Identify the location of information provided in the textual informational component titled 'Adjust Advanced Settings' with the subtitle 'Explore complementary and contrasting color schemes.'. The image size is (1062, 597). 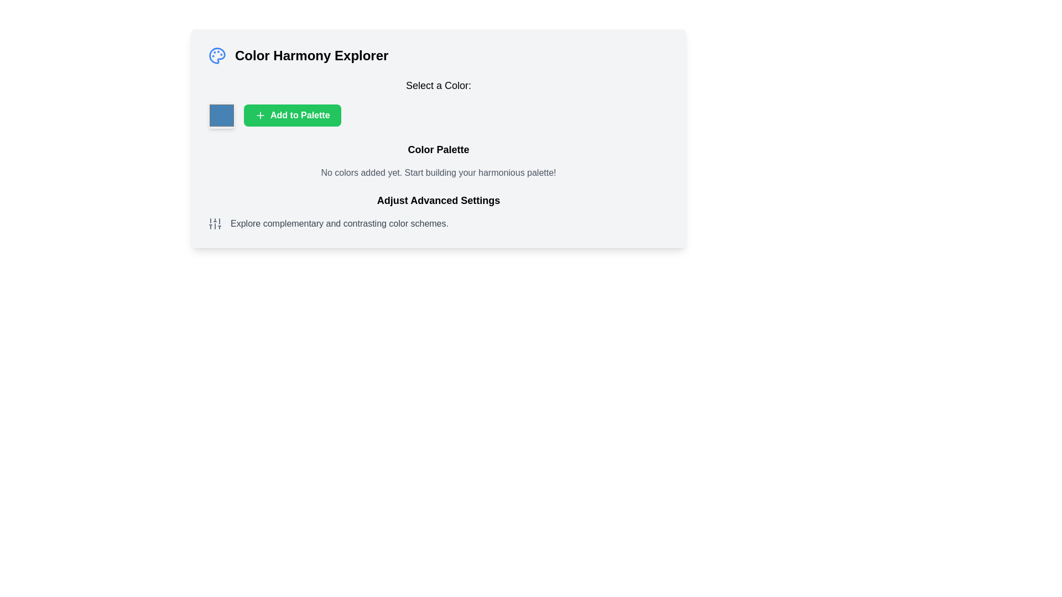
(438, 211).